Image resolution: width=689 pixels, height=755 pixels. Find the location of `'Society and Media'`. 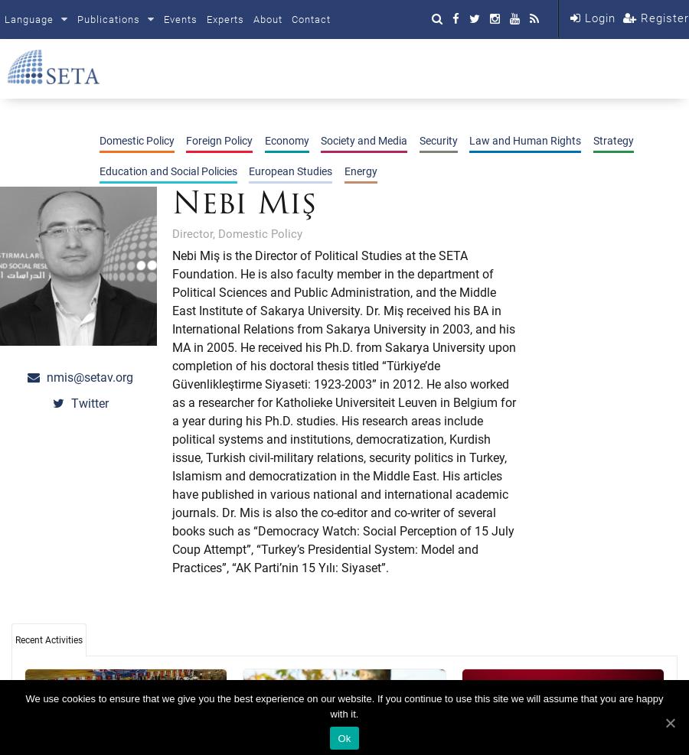

'Society and Media' is located at coordinates (363, 139).